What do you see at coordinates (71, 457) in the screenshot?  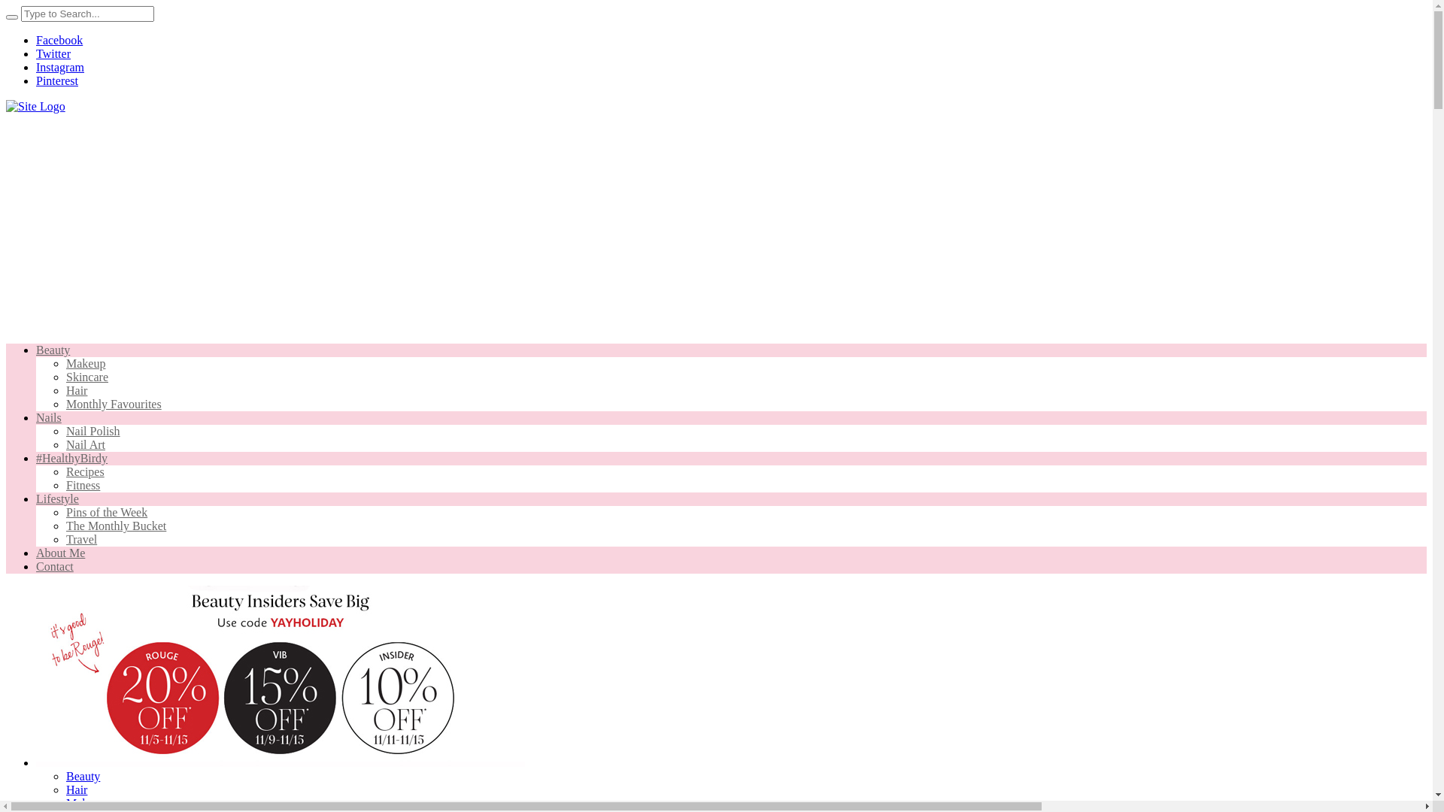 I see `'#HealthyBirdy'` at bounding box center [71, 457].